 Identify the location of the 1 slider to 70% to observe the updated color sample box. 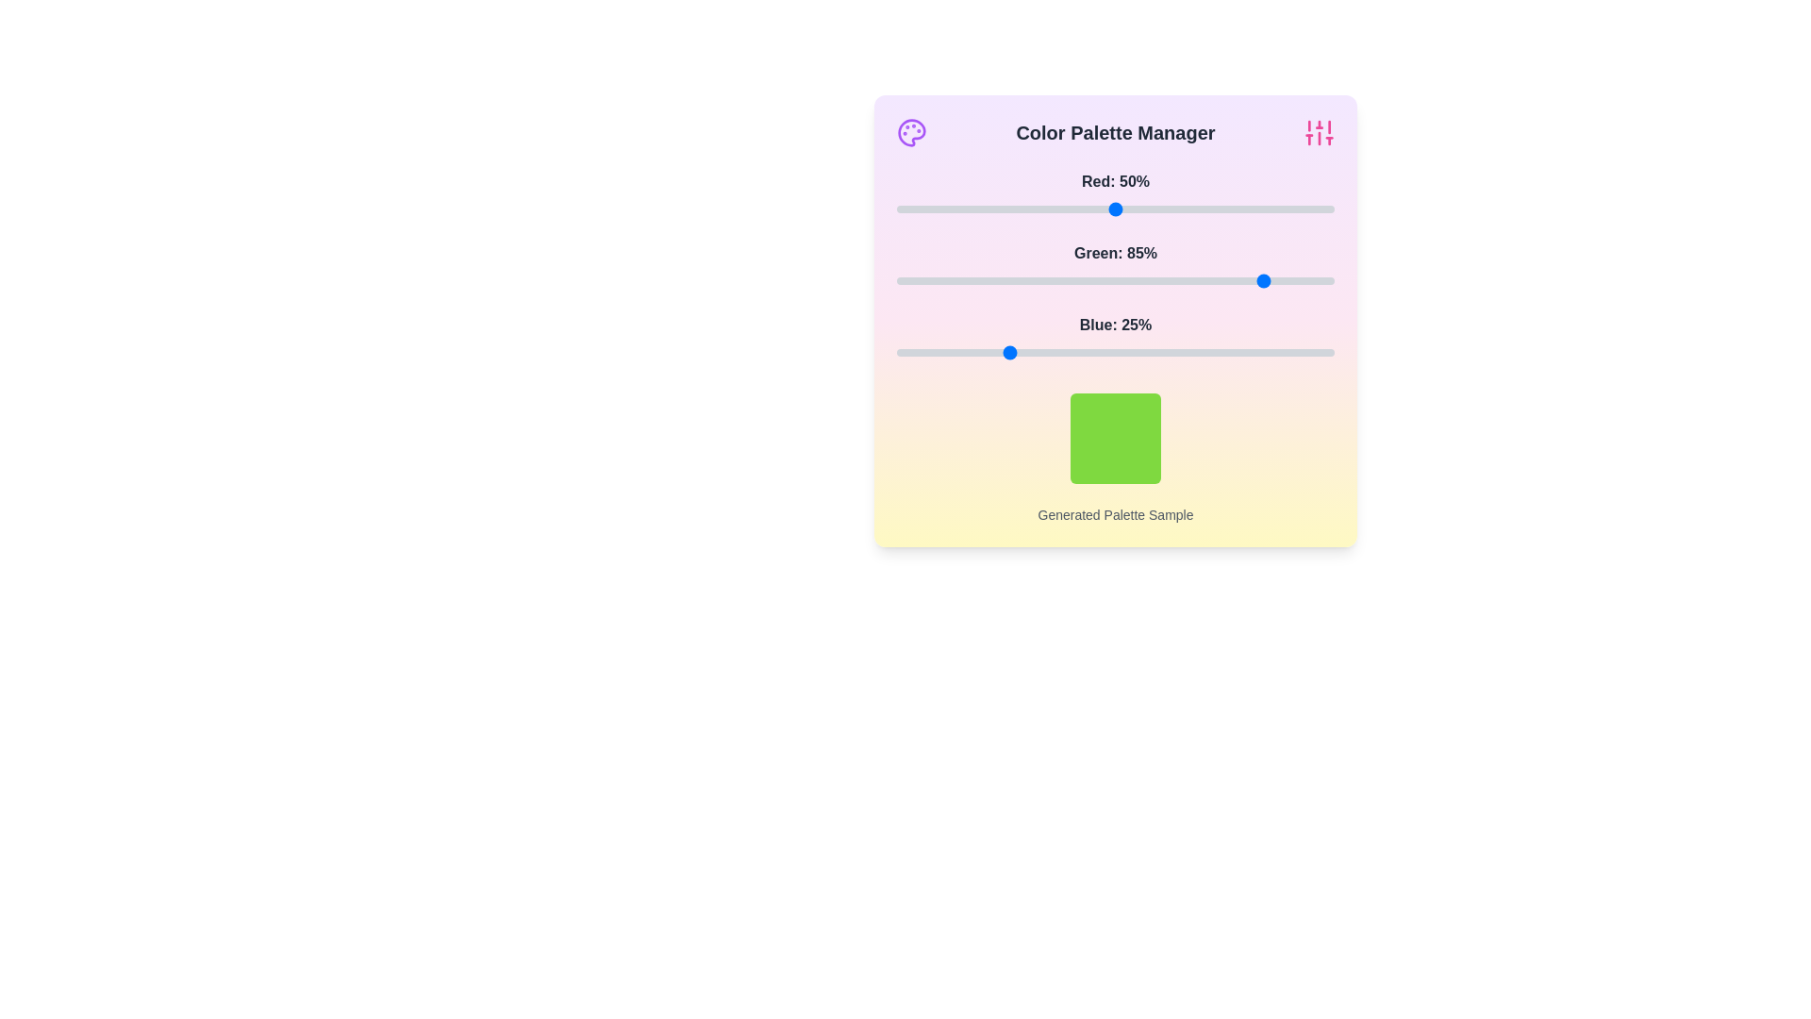
(1202, 280).